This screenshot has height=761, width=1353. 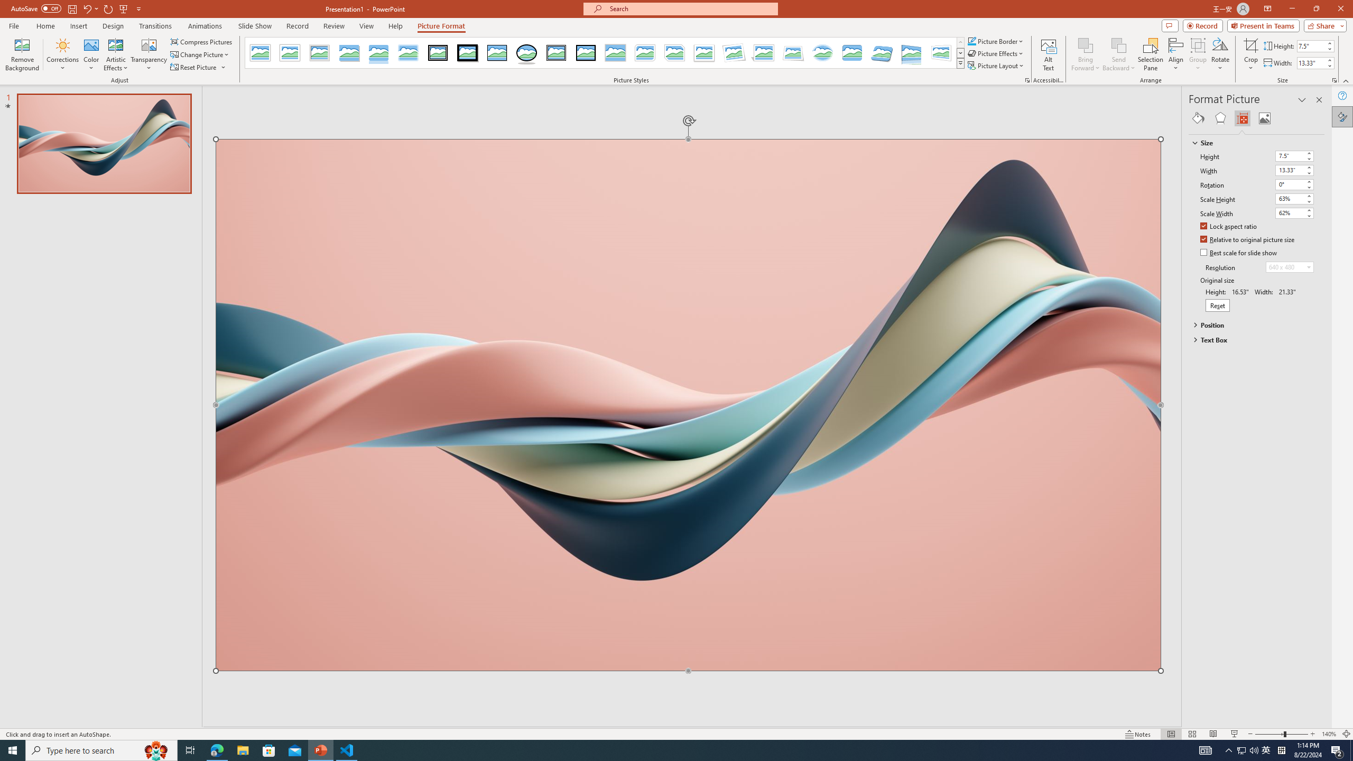 What do you see at coordinates (1247, 239) in the screenshot?
I see `'Relative to original picture size'` at bounding box center [1247, 239].